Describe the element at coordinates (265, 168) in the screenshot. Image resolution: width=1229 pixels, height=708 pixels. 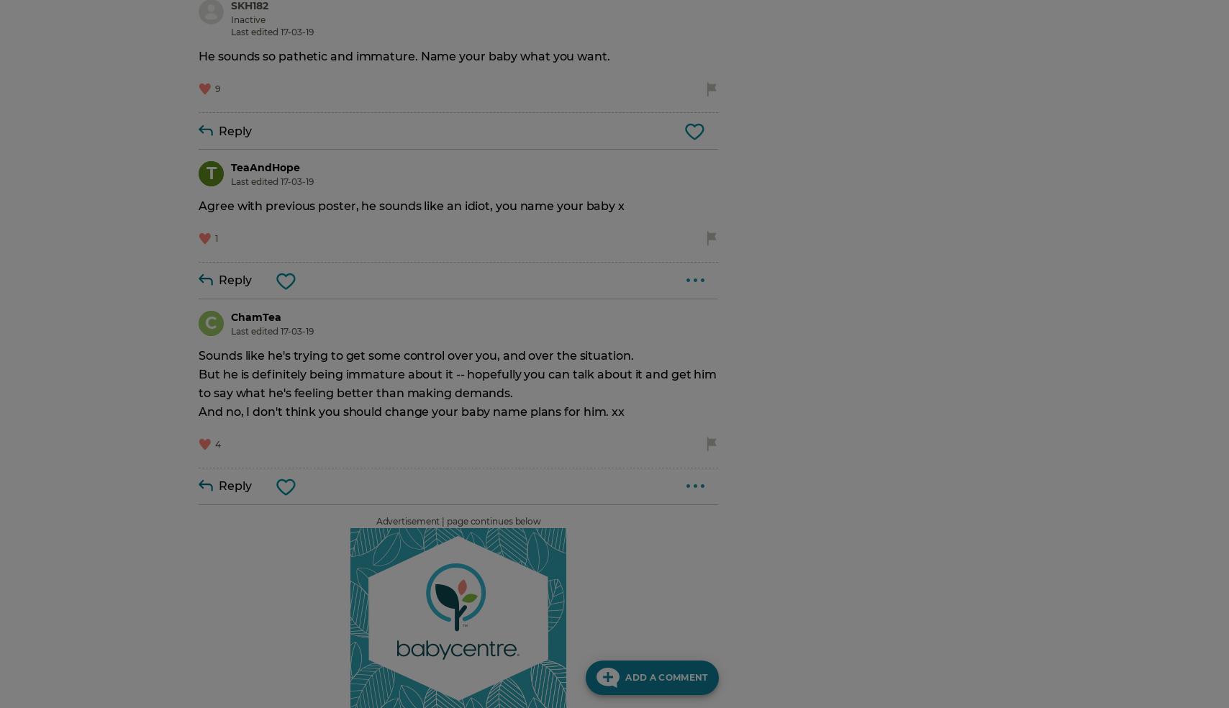
I see `'TeaAndHope'` at that location.